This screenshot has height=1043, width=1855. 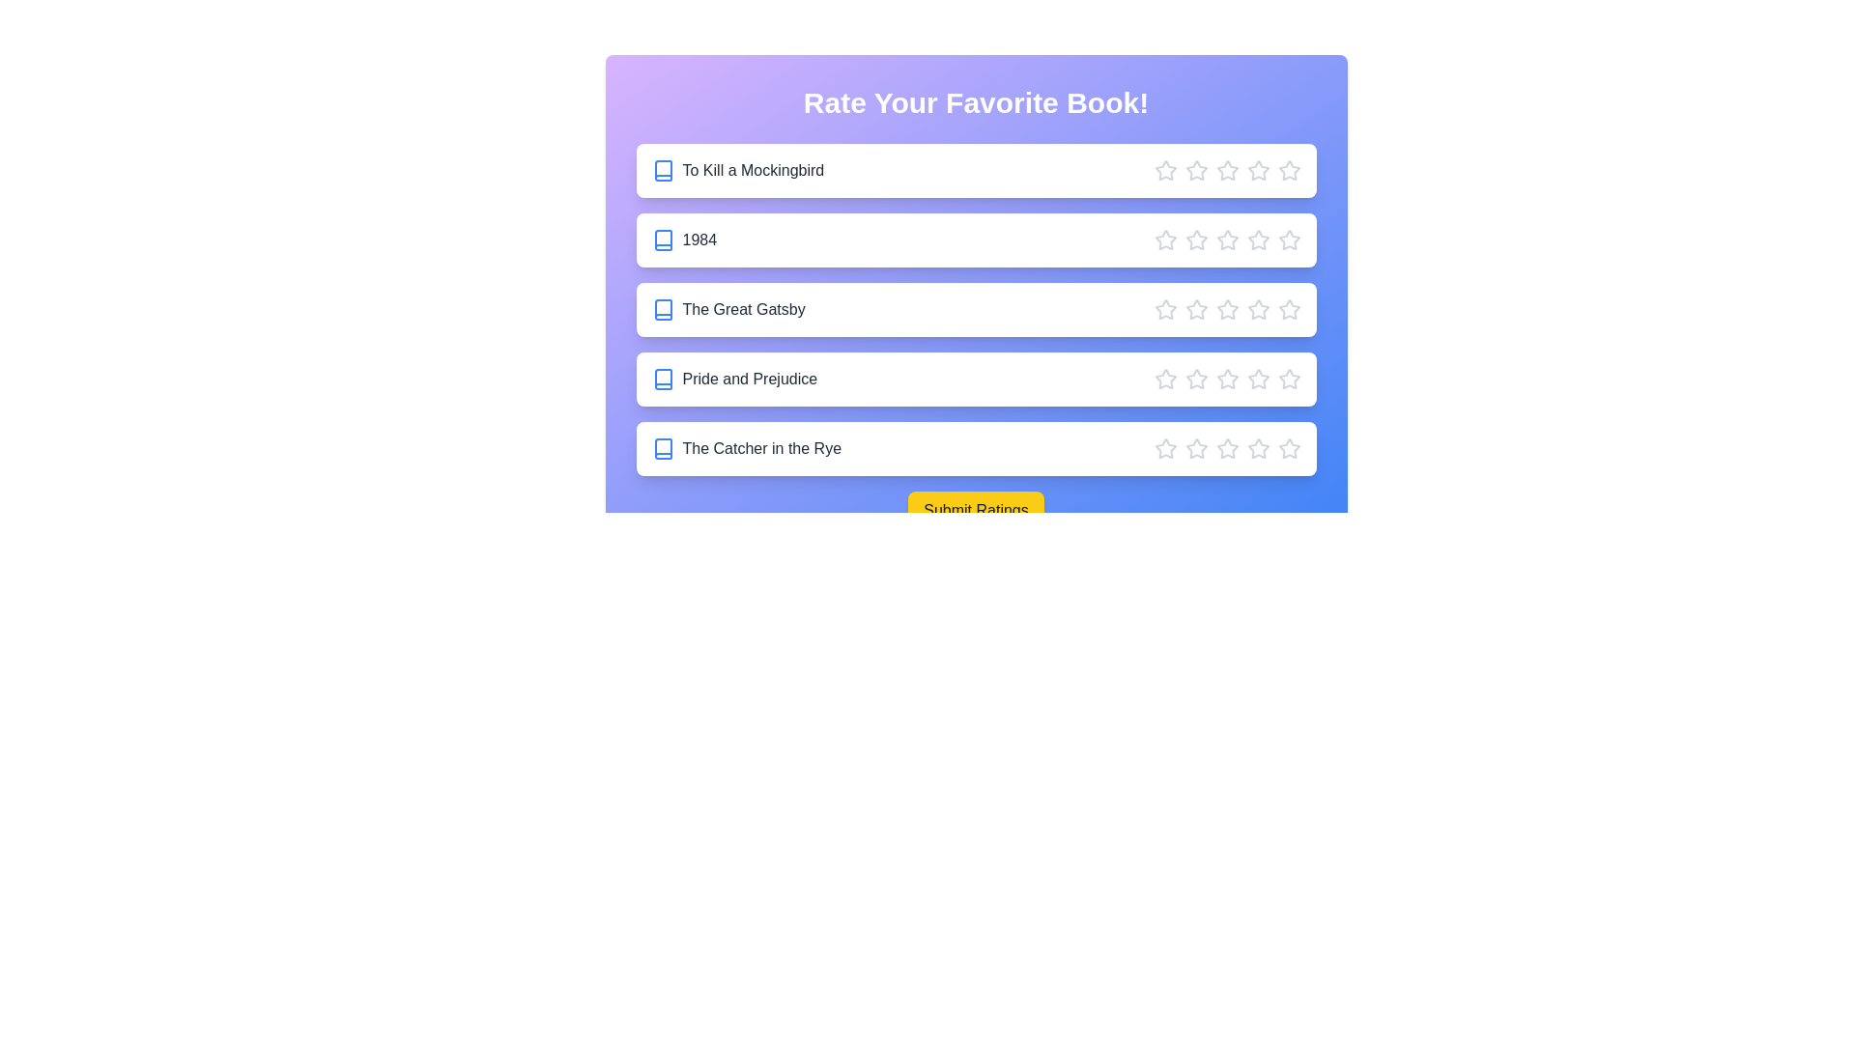 What do you see at coordinates (1195, 308) in the screenshot?
I see `the star corresponding to 2 stars for the book 'The Great Gatsby'` at bounding box center [1195, 308].